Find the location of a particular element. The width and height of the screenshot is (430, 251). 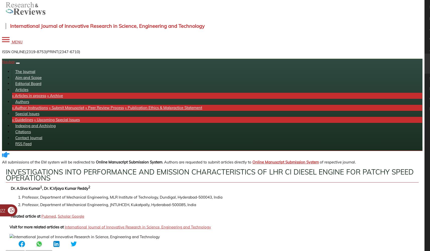

'Citations' is located at coordinates (23, 131).